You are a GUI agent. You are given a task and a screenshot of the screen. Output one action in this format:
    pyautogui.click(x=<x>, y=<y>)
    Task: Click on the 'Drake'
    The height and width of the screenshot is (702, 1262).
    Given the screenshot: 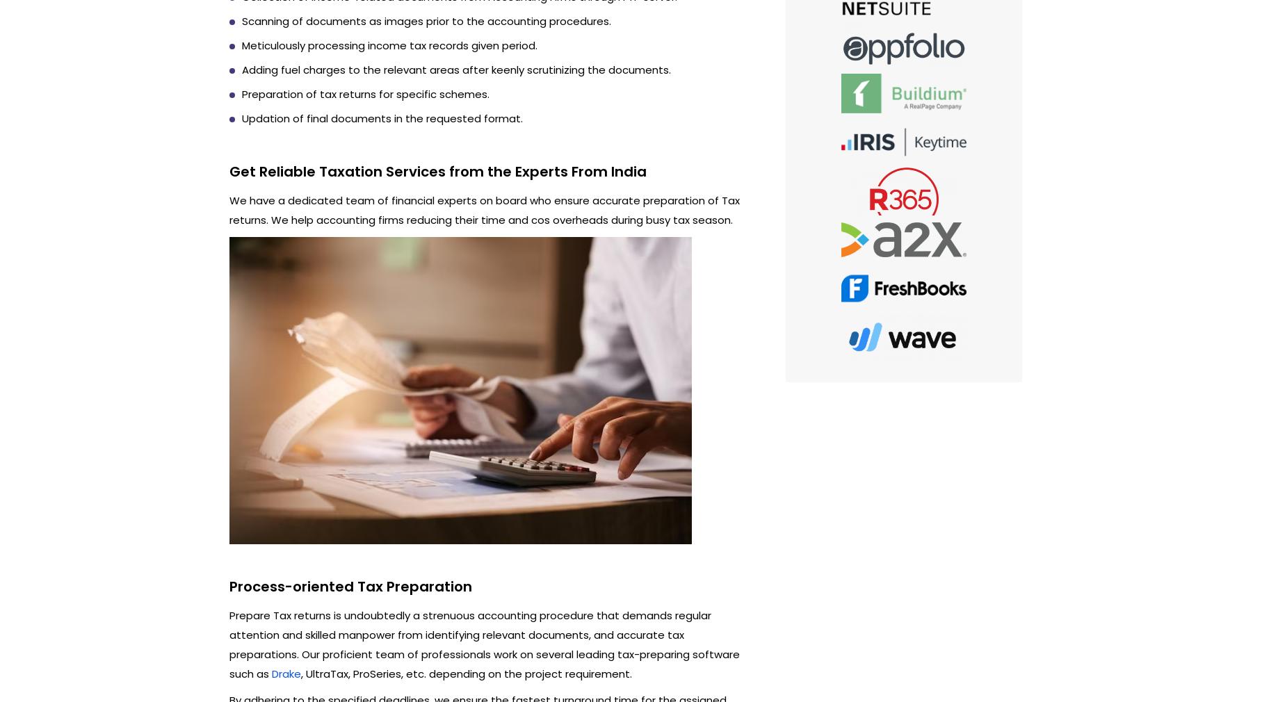 What is the action you would take?
    pyautogui.click(x=286, y=673)
    